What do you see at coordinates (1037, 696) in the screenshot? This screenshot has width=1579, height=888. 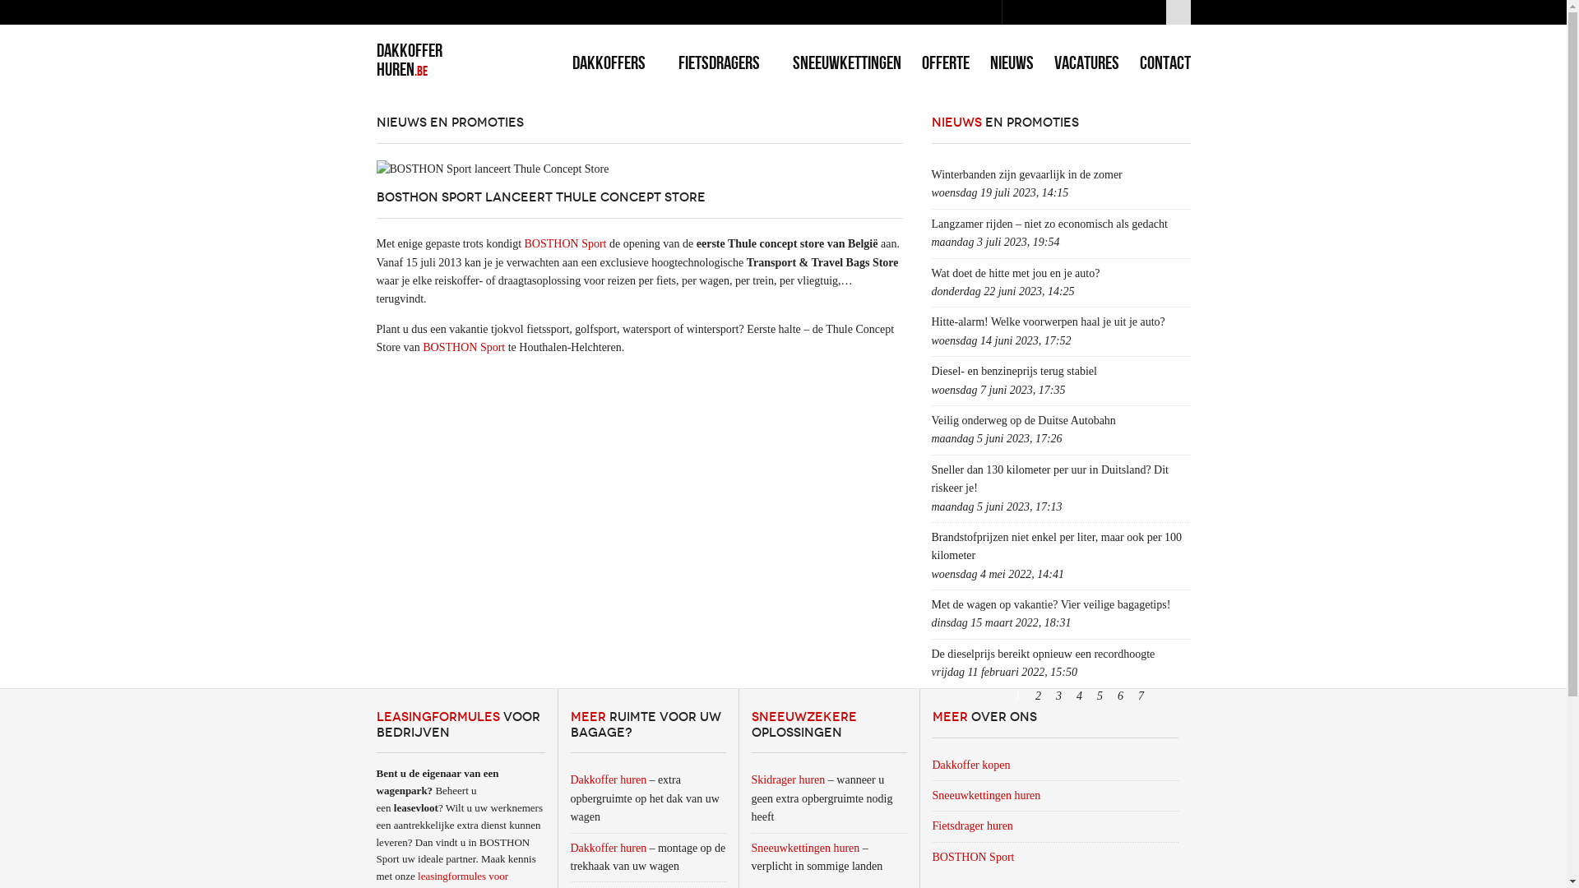 I see `'2'` at bounding box center [1037, 696].